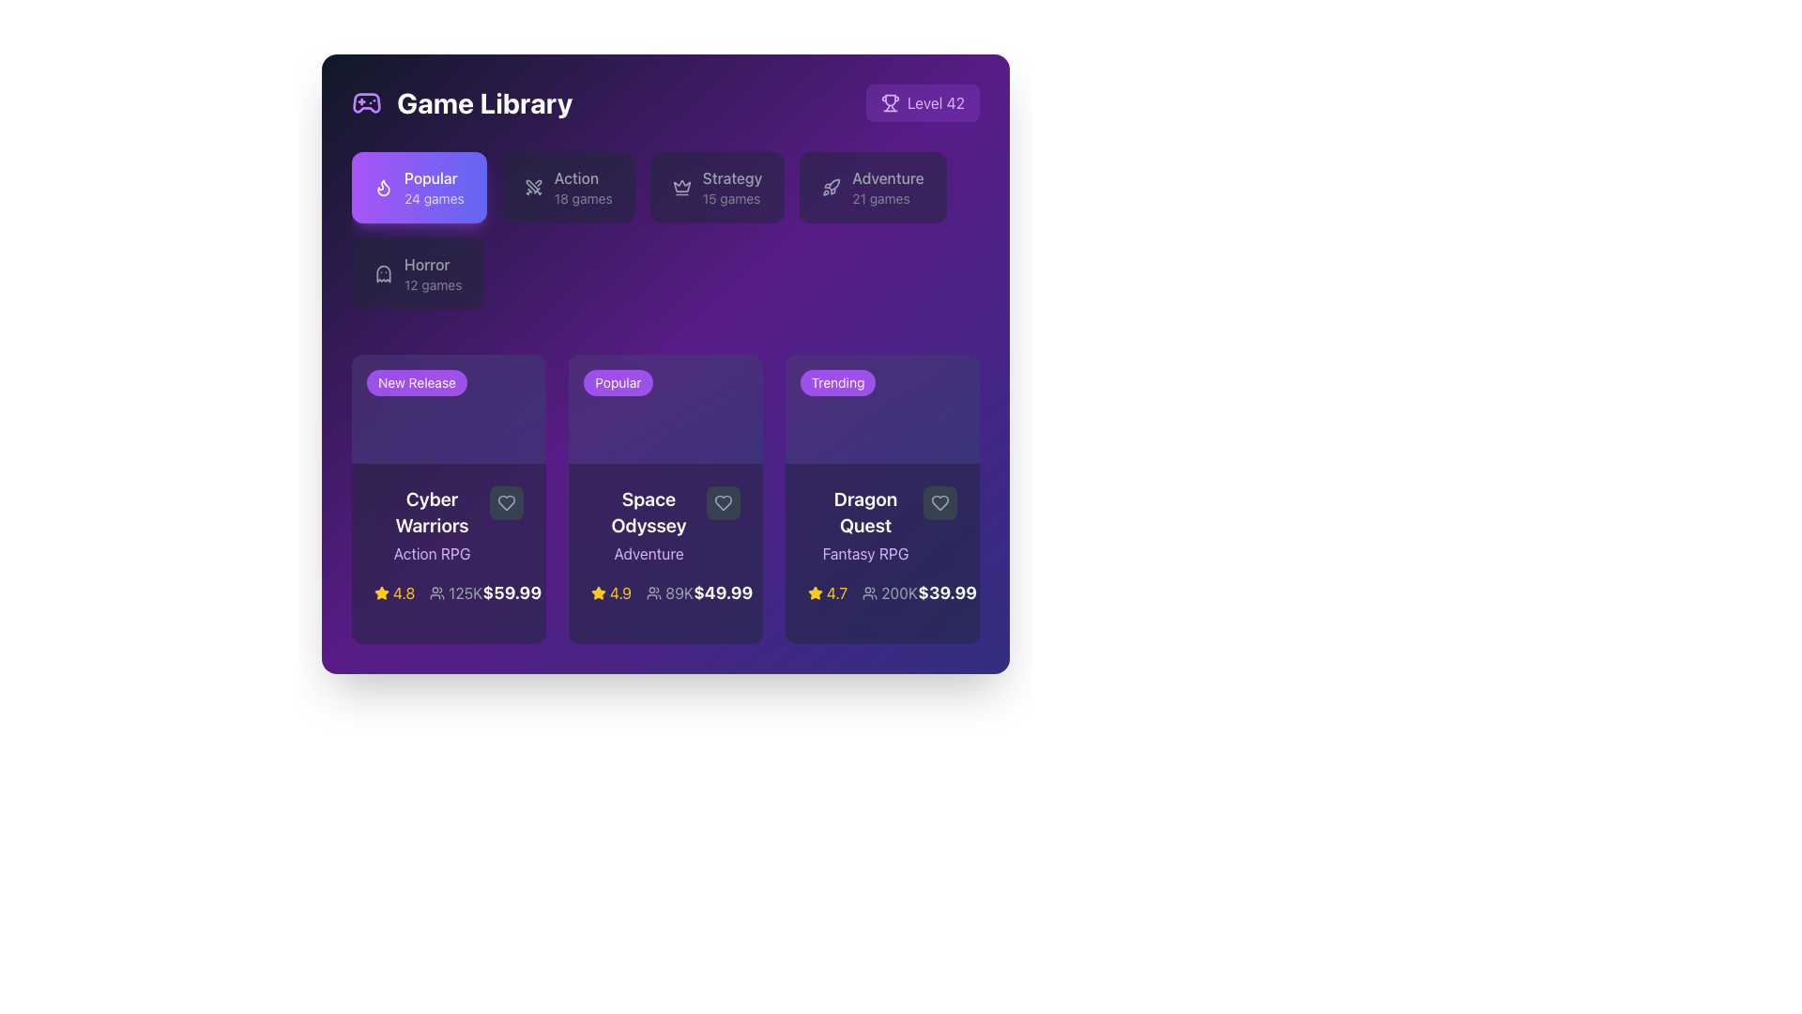 The image size is (1802, 1014). Describe the element at coordinates (831, 188) in the screenshot. I see `the 'Adventure' category icon located in the menu, adjacent to the 'Strategy' and 'Action' buttons` at that location.